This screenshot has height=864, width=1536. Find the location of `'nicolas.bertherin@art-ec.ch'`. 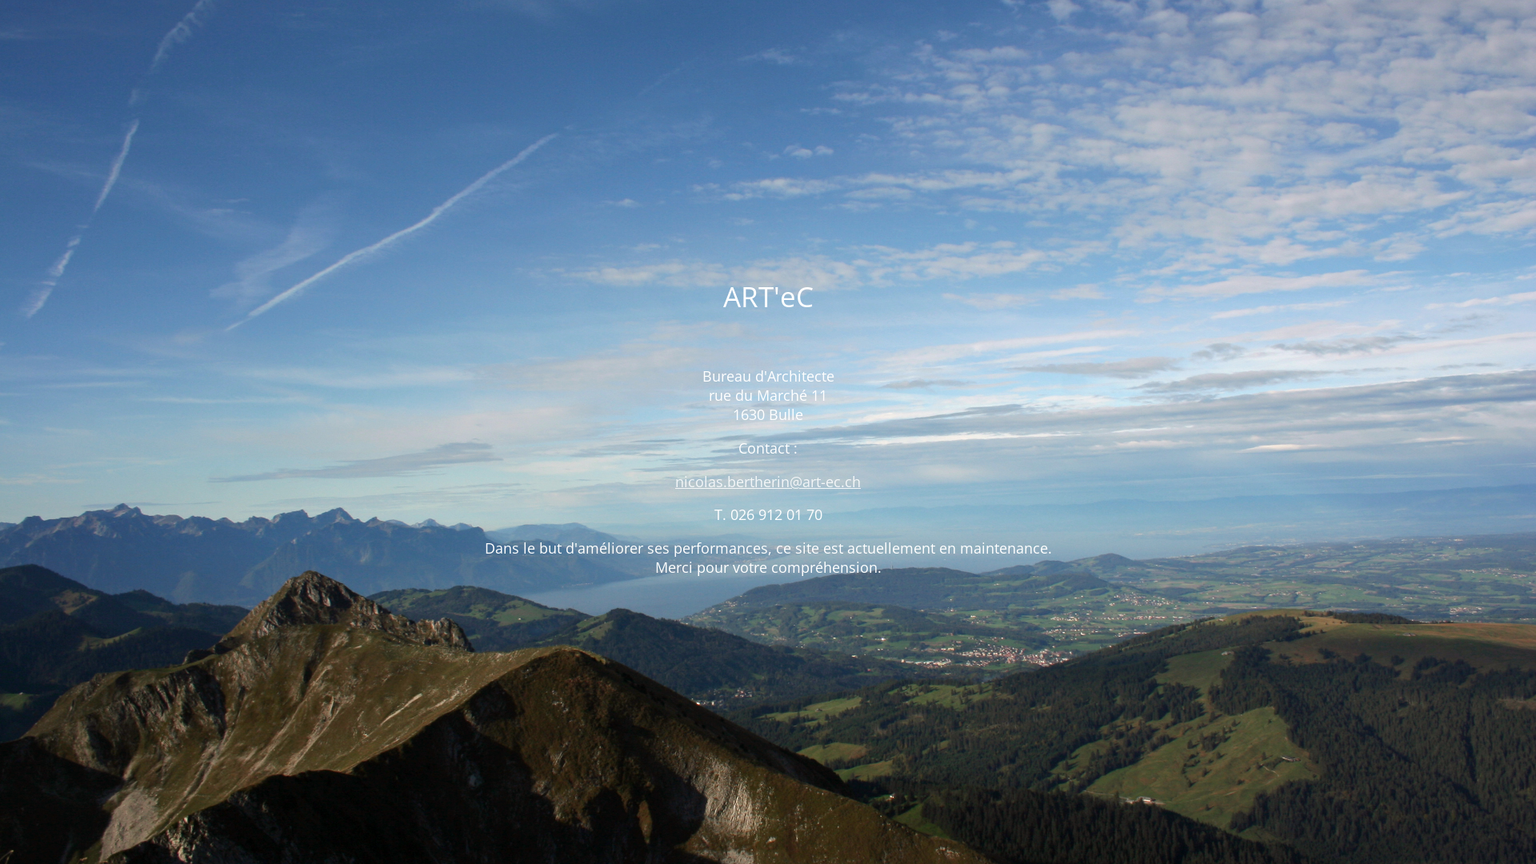

'nicolas.bertherin@art-ec.ch' is located at coordinates (675, 480).